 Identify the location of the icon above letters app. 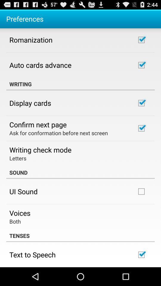
(40, 149).